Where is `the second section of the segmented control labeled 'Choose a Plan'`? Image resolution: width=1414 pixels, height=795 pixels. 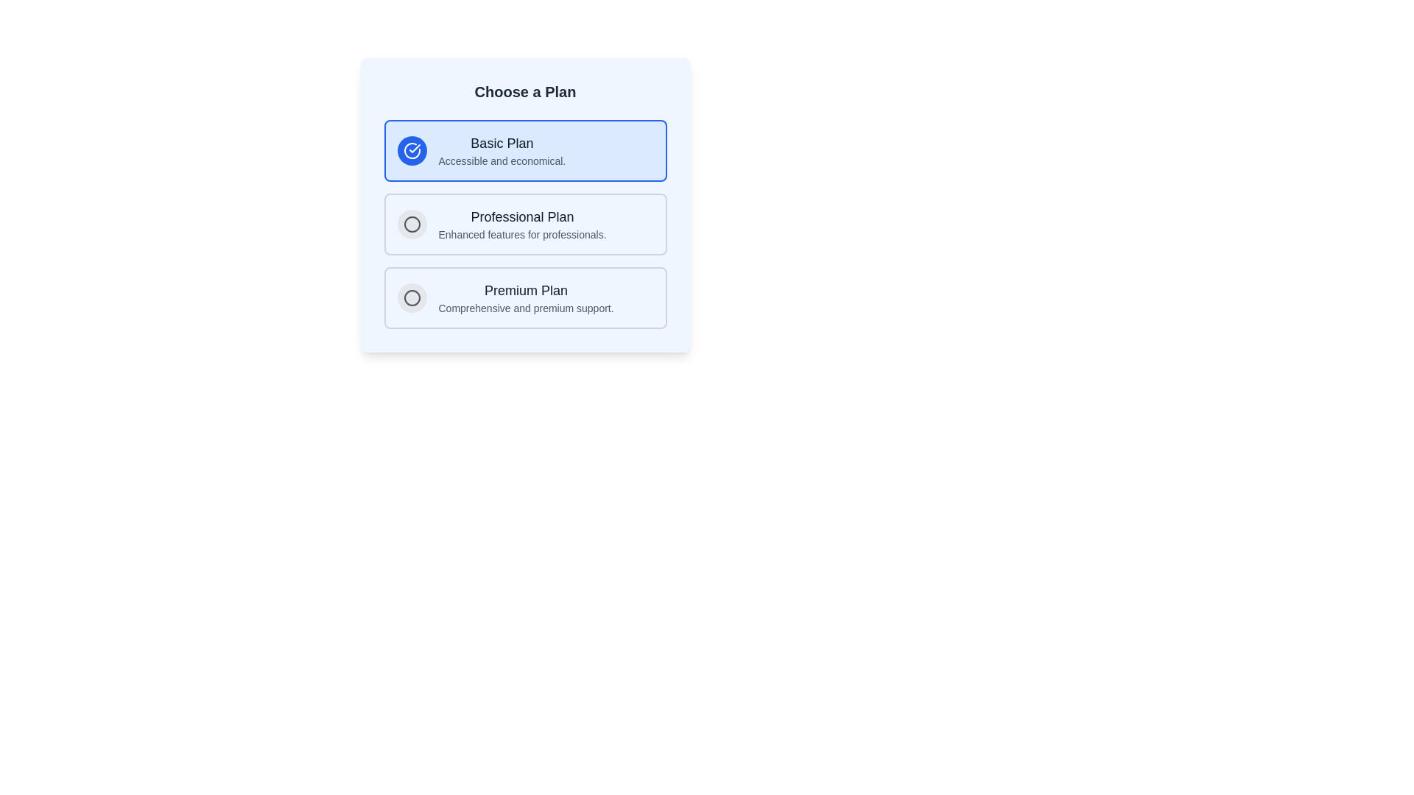
the second section of the segmented control labeled 'Choose a Plan' is located at coordinates (525, 224).